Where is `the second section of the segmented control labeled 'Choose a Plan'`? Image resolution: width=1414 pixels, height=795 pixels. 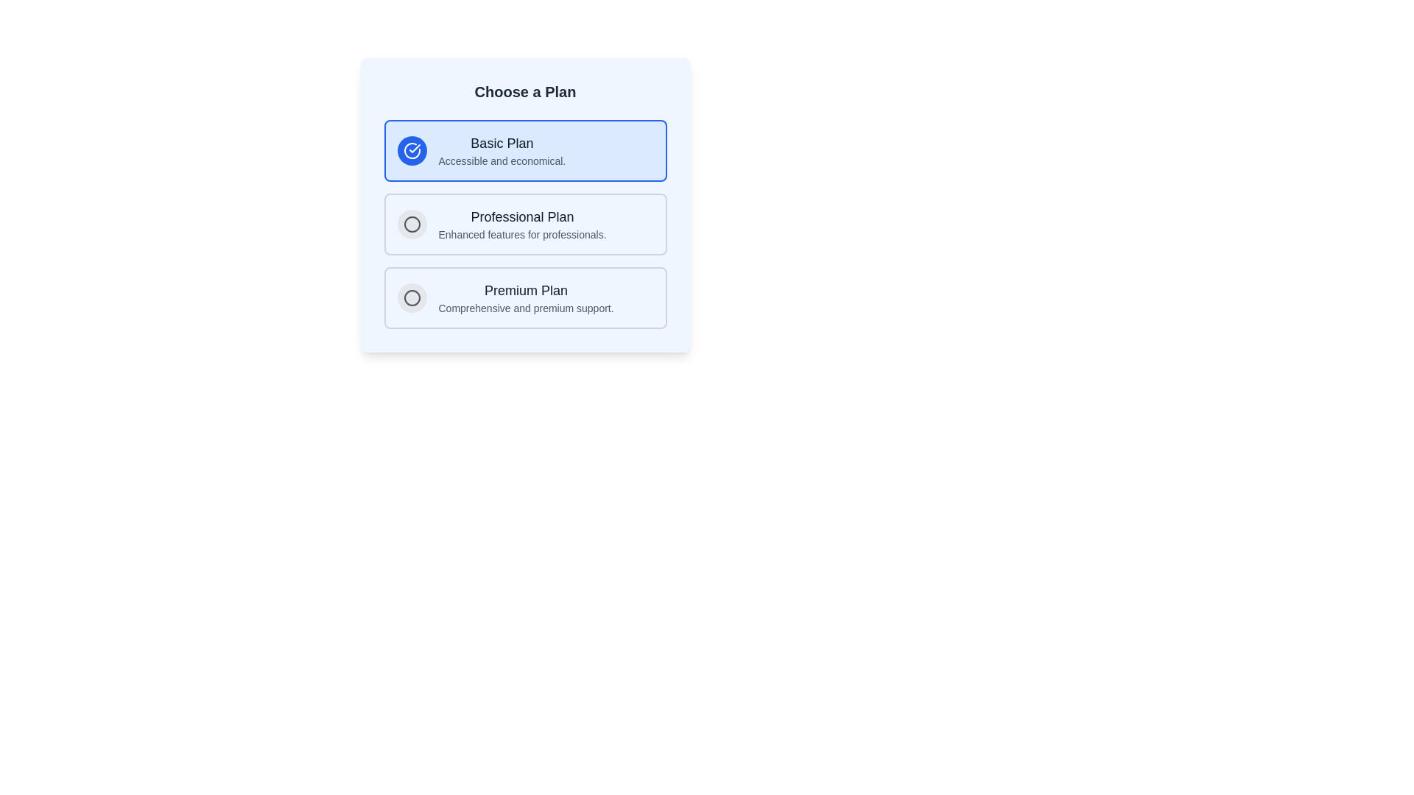
the second section of the segmented control labeled 'Choose a Plan' is located at coordinates (525, 224).